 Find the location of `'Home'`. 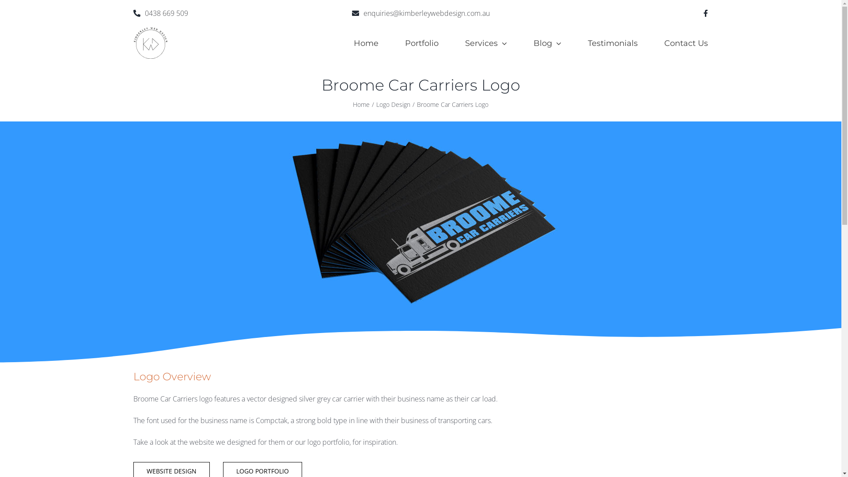

'Home' is located at coordinates (366, 43).